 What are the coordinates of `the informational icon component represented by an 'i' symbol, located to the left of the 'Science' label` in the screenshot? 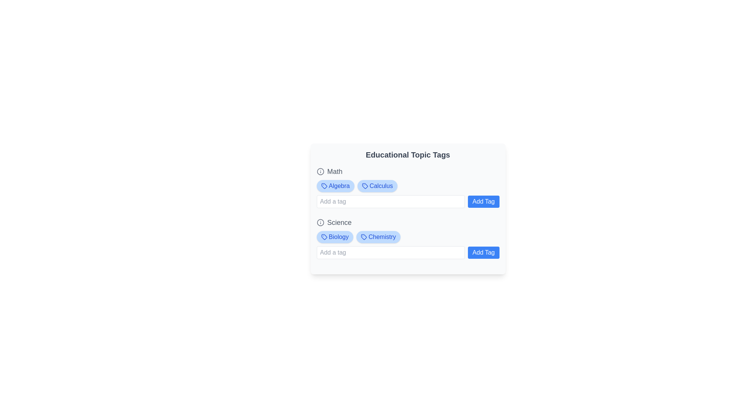 It's located at (320, 223).